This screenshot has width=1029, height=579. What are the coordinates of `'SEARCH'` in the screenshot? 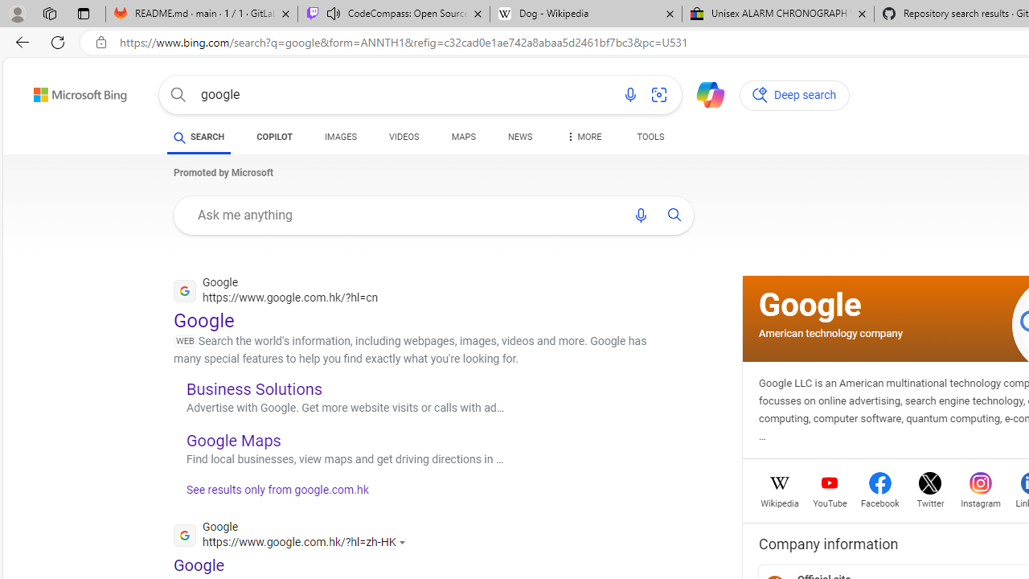 It's located at (198, 137).